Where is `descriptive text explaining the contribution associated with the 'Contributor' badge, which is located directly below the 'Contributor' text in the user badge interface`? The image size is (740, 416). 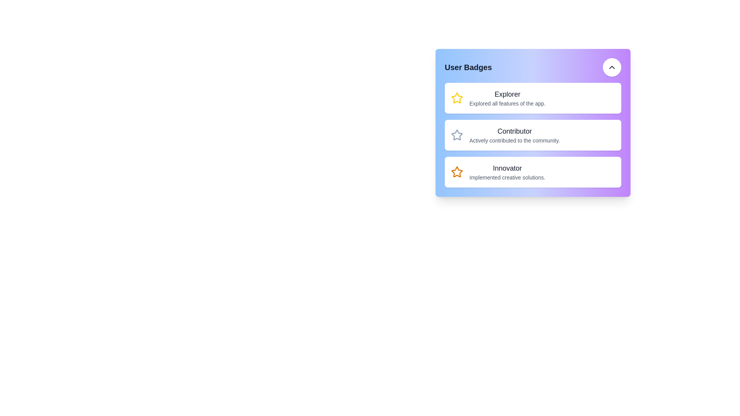 descriptive text explaining the contribution associated with the 'Contributor' badge, which is located directly below the 'Contributor' text in the user badge interface is located at coordinates (515, 141).